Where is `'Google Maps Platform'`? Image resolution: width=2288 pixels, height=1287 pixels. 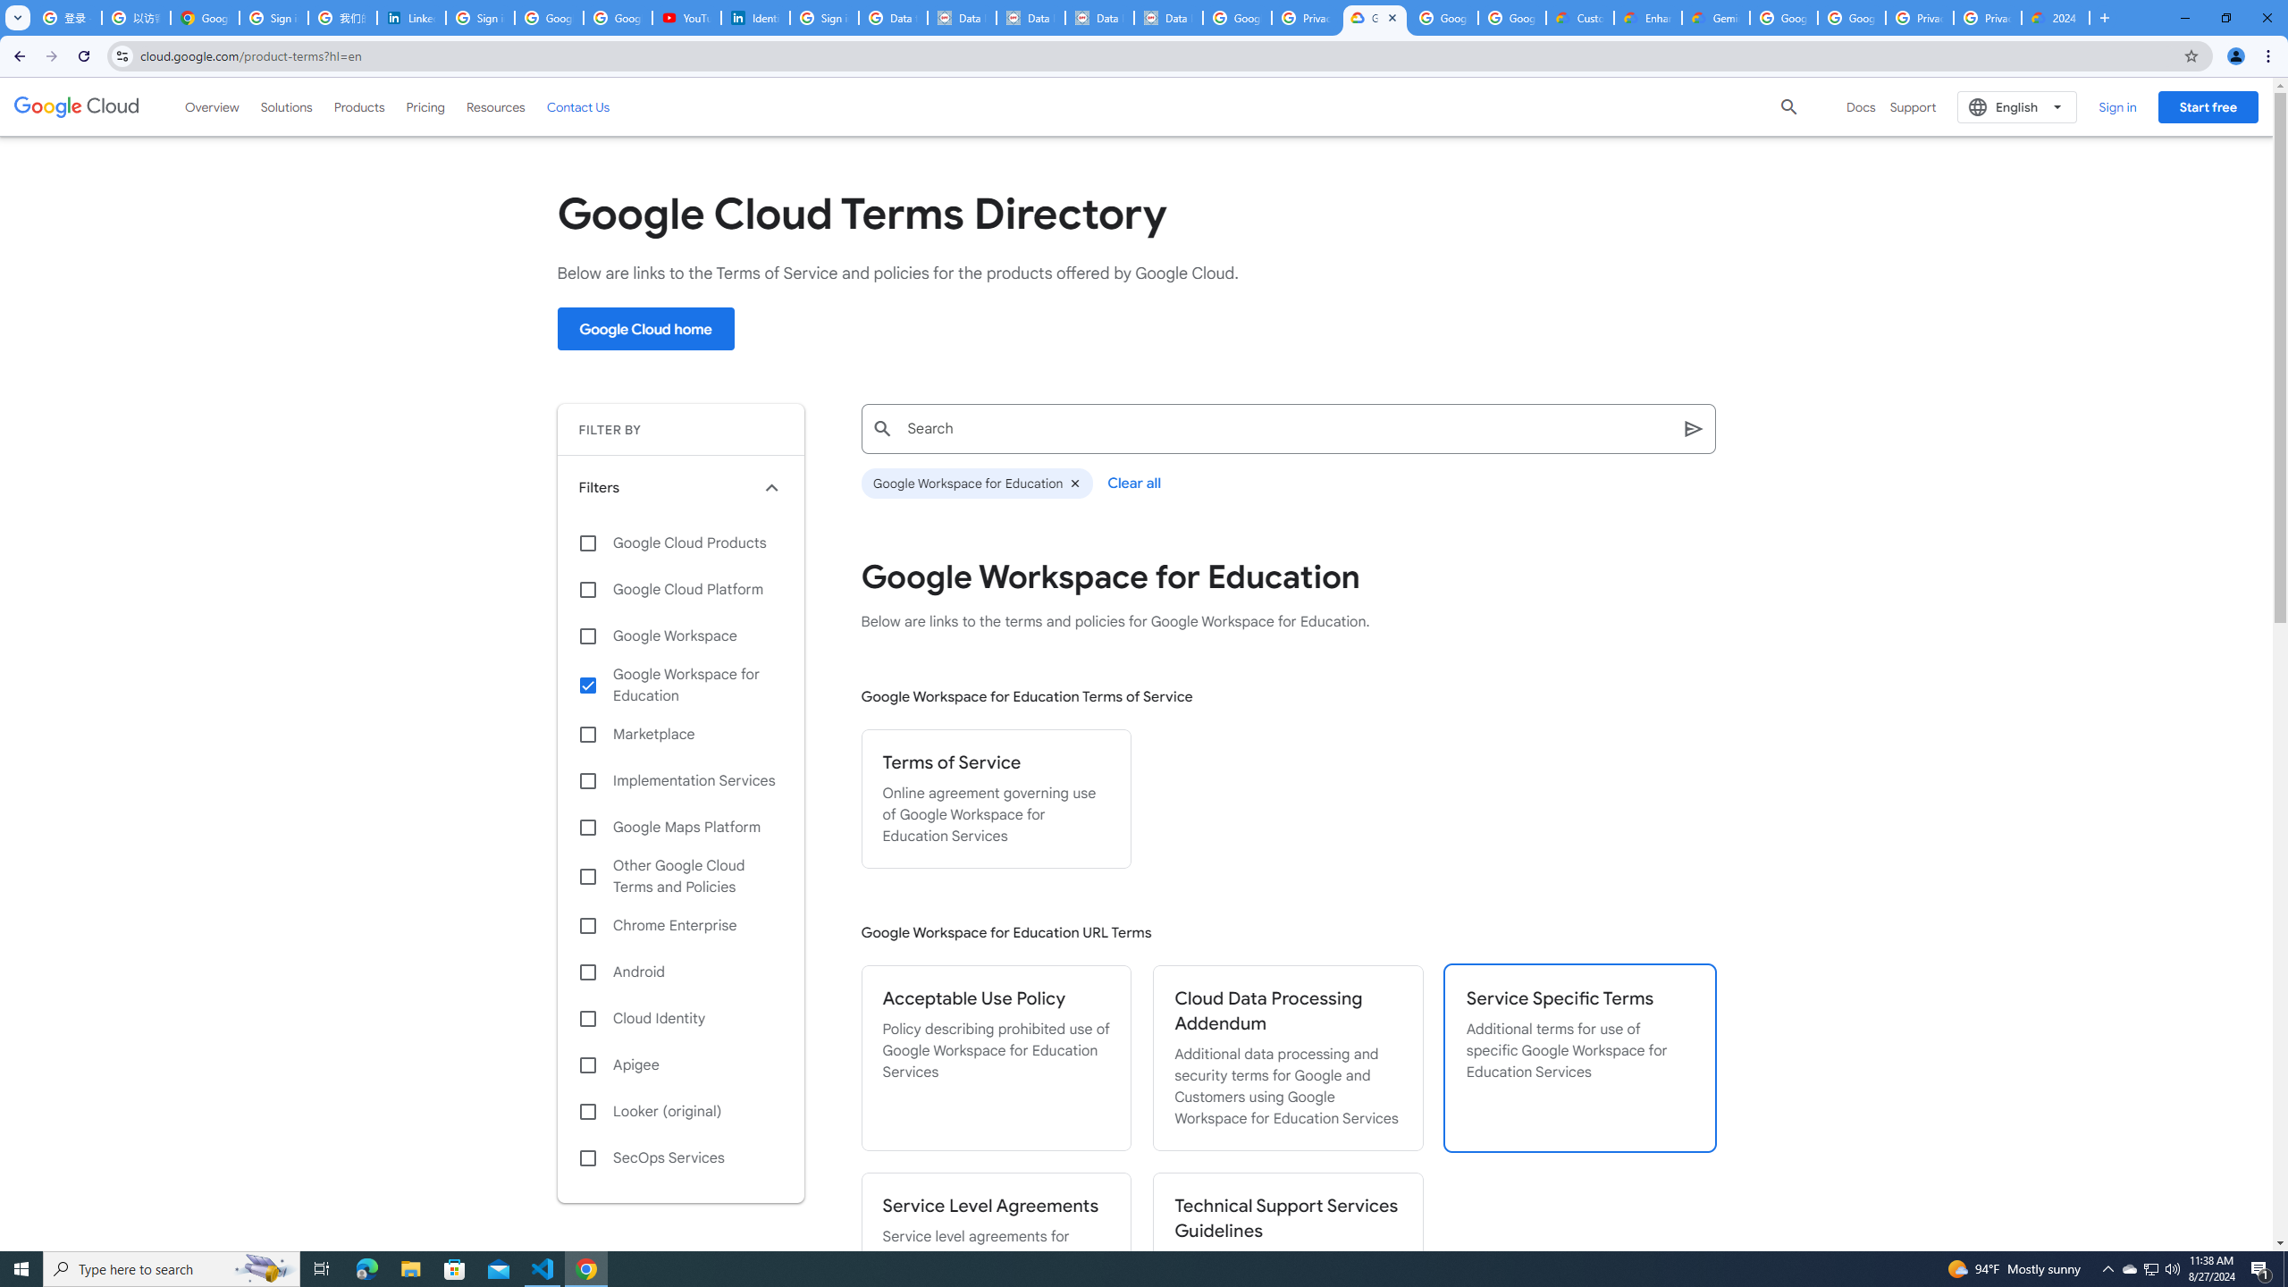 'Google Maps Platform' is located at coordinates (680, 826).